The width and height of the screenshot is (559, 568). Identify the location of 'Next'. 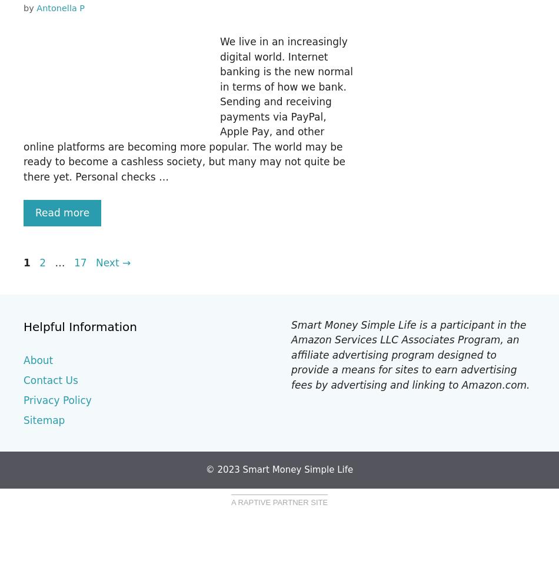
(108, 262).